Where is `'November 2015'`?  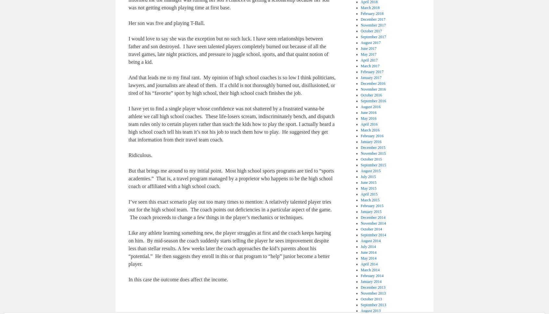
'November 2015' is located at coordinates (360, 153).